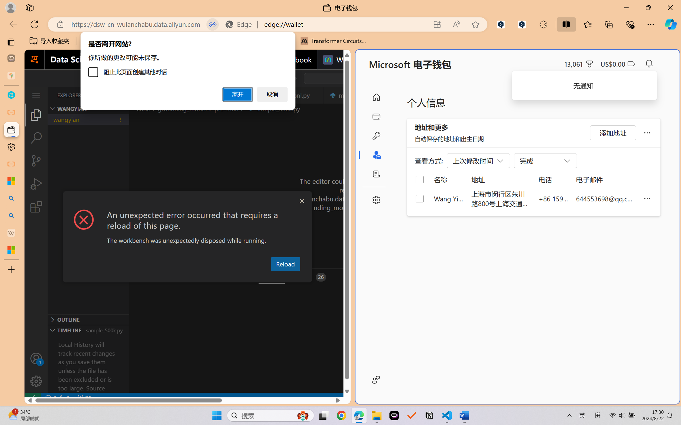 The width and height of the screenshot is (681, 425). What do you see at coordinates (606, 198) in the screenshot?
I see `'644553698@qq.com'` at bounding box center [606, 198].